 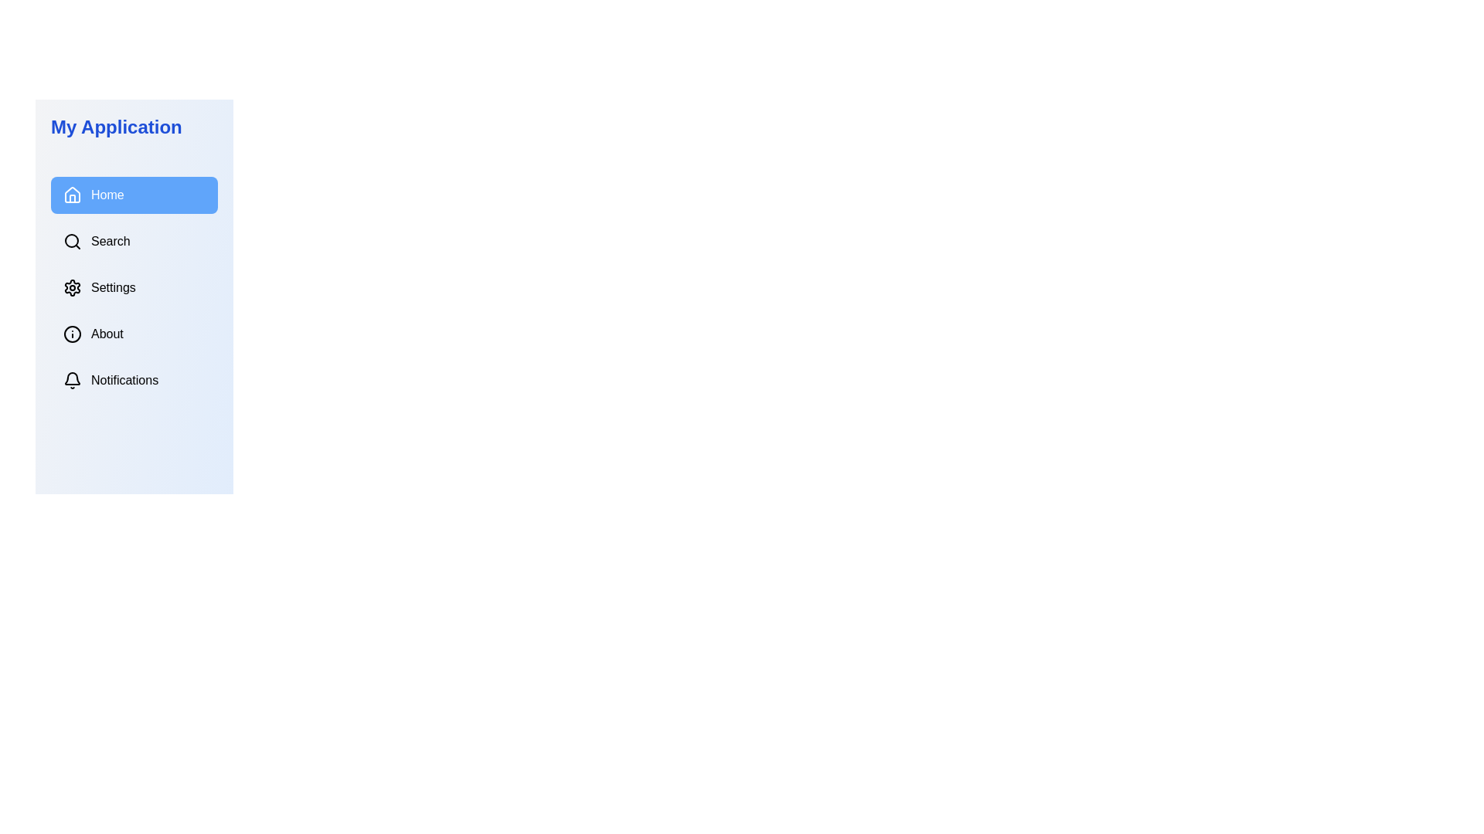 What do you see at coordinates (134, 127) in the screenshot?
I see `the Text Label located at the top of the left sidebar panel, which serves as the title or header for the application` at bounding box center [134, 127].